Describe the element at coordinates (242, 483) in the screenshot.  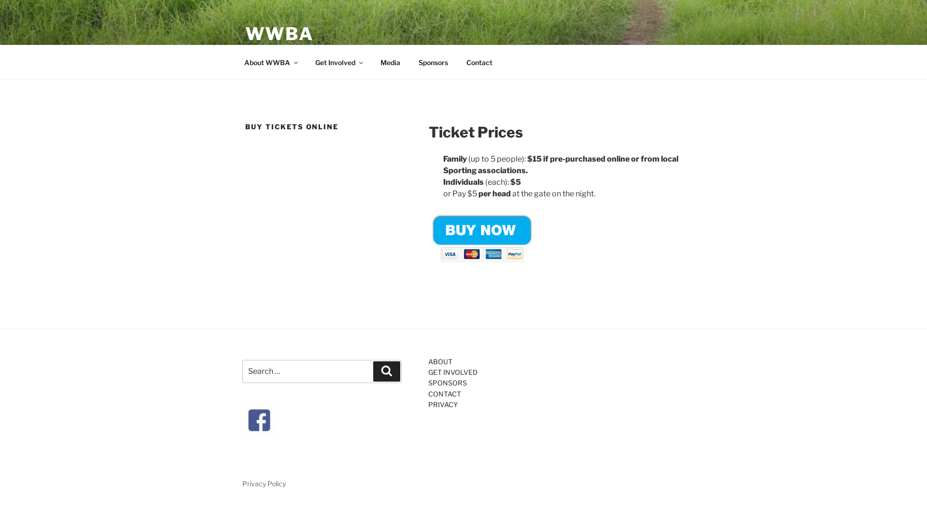
I see `'Privacy Policy'` at that location.